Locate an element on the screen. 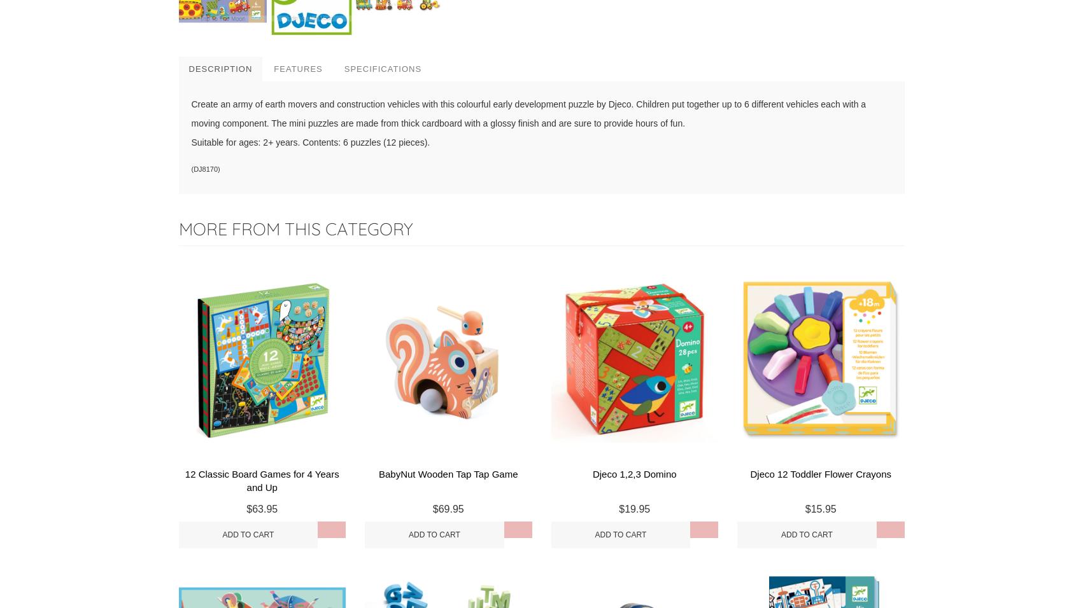 This screenshot has height=608, width=1083. 'DJ8170' is located at coordinates (193, 168).